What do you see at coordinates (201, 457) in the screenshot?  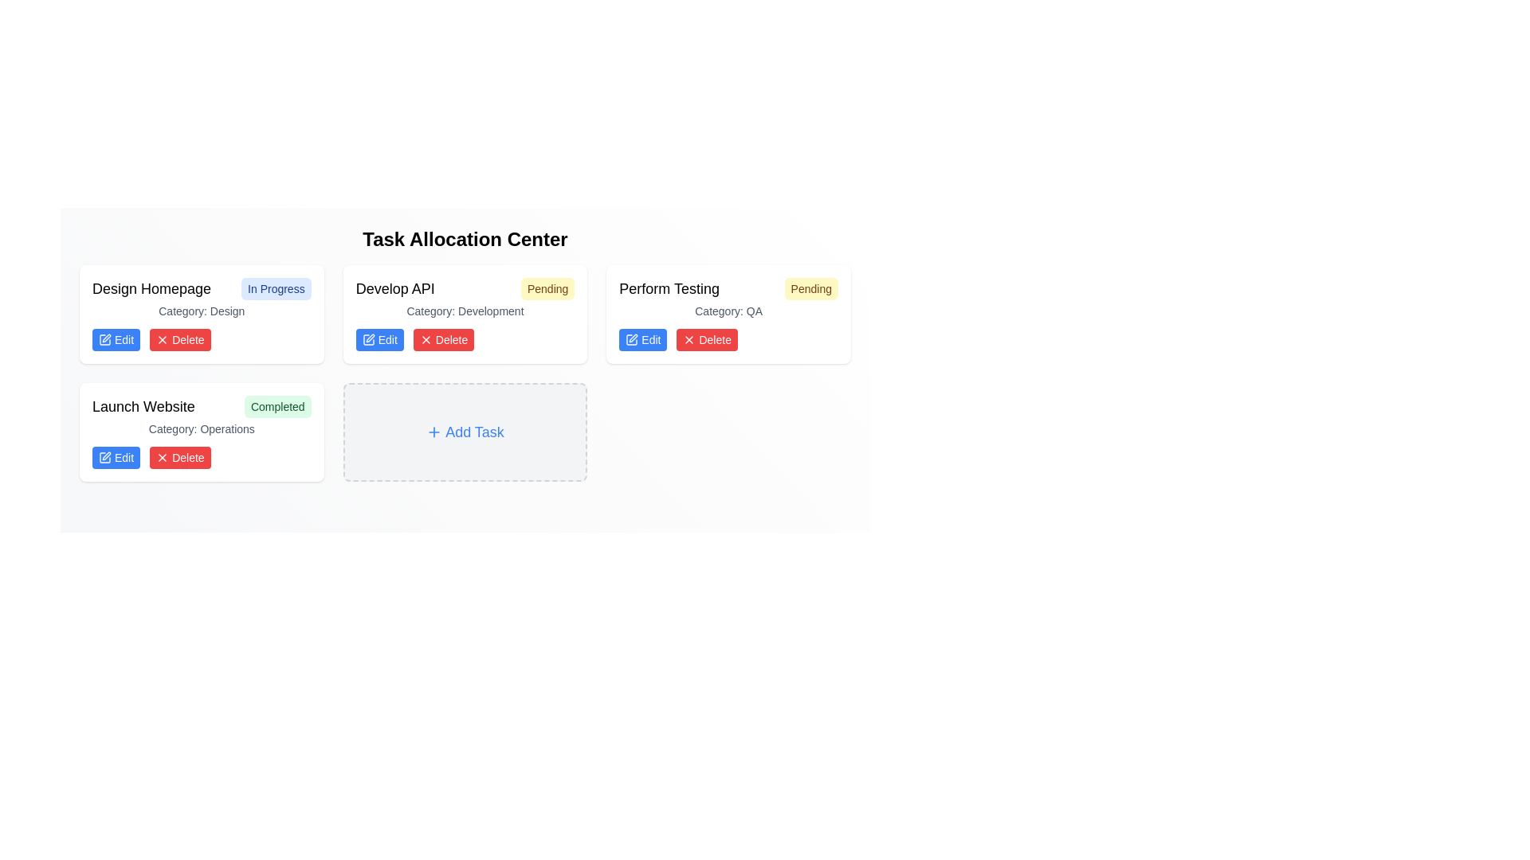 I see `the red 'Delete' button in the grouped UI component at the bottom of the 'Launch Website' task card` at bounding box center [201, 457].